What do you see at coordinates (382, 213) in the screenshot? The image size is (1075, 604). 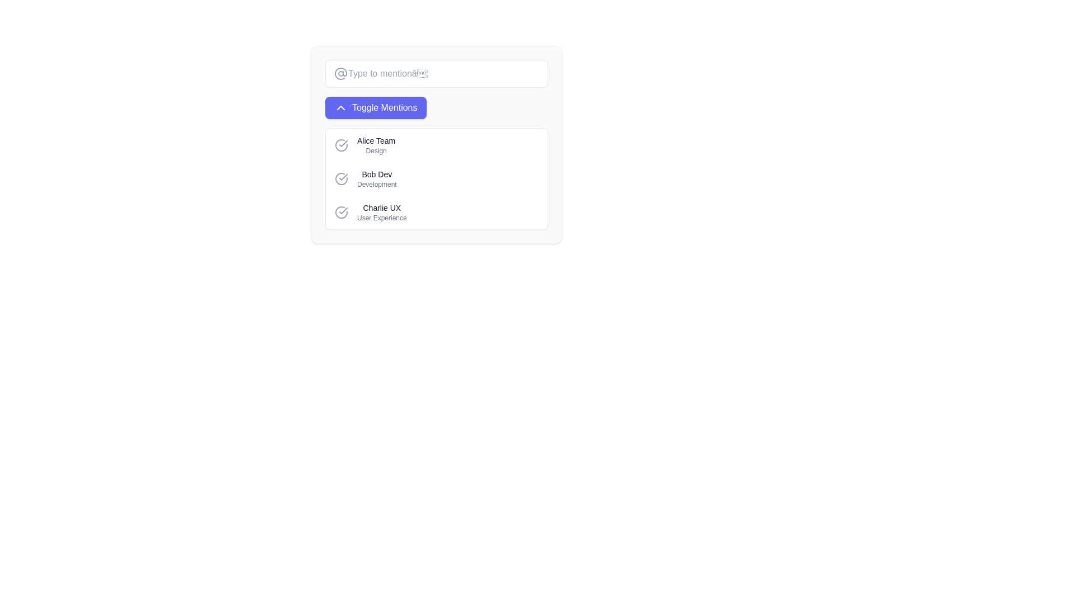 I see `the selectable list item identifying the user 'Charlie UX' under the category 'User Experience' within the 'Toggle Mentions' dropdown menu` at bounding box center [382, 213].